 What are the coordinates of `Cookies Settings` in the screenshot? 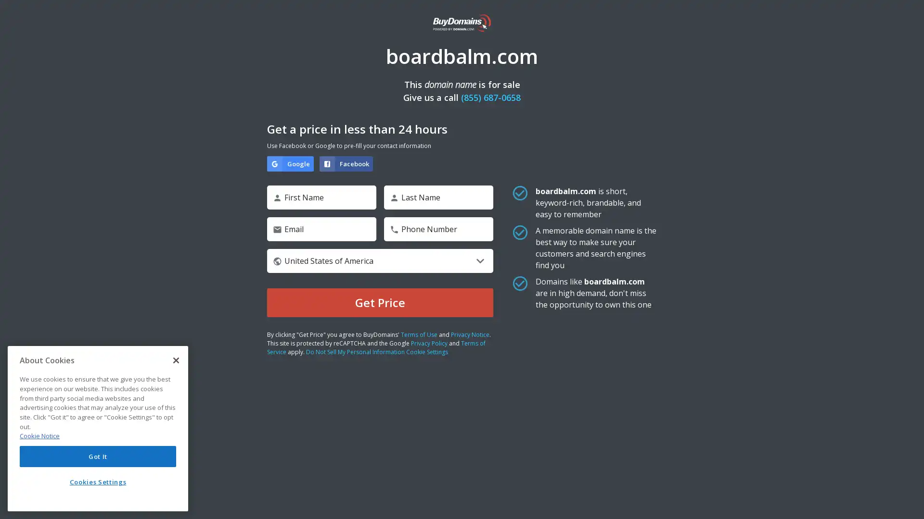 It's located at (98, 482).